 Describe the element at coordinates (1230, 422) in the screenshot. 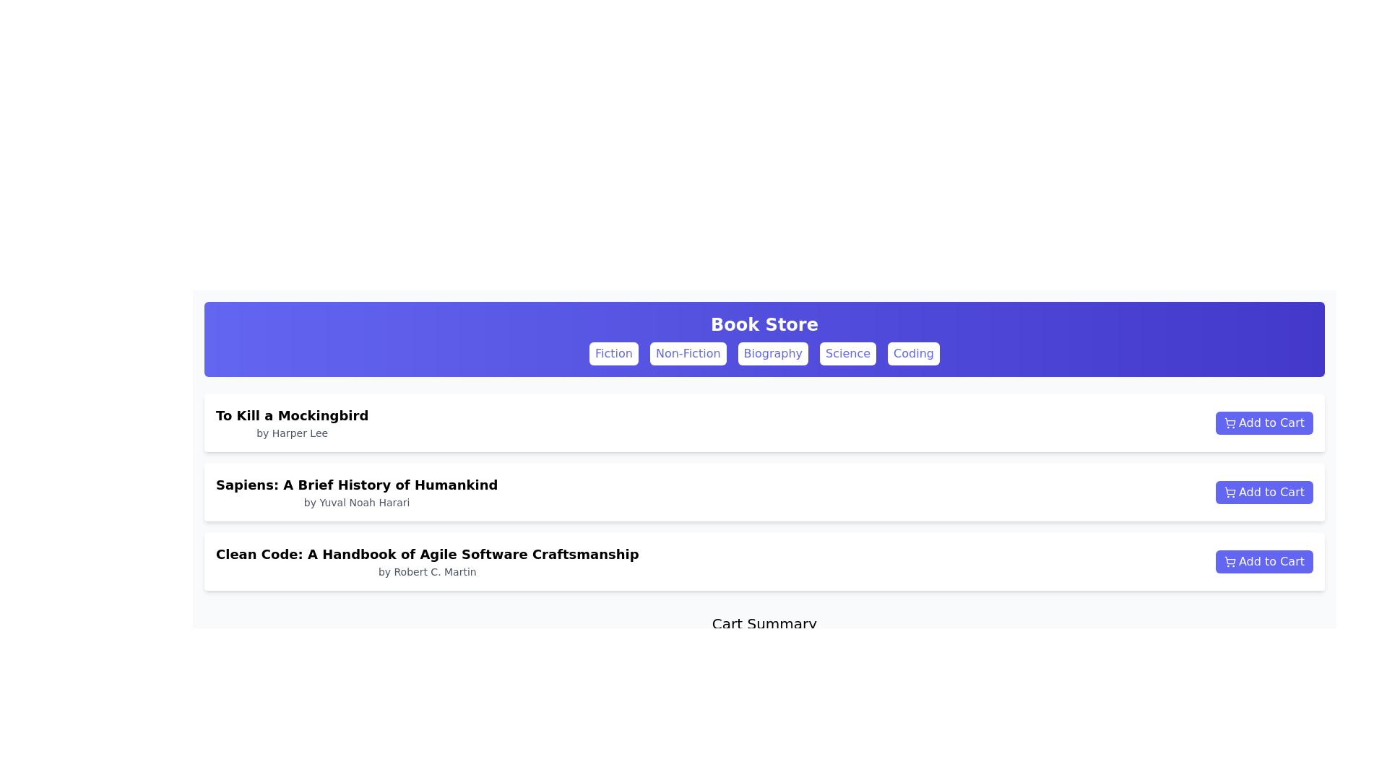

I see `the icon representing the function of adding an item to the shopping cart, located at the center of the 'Add to Cart' button` at that location.